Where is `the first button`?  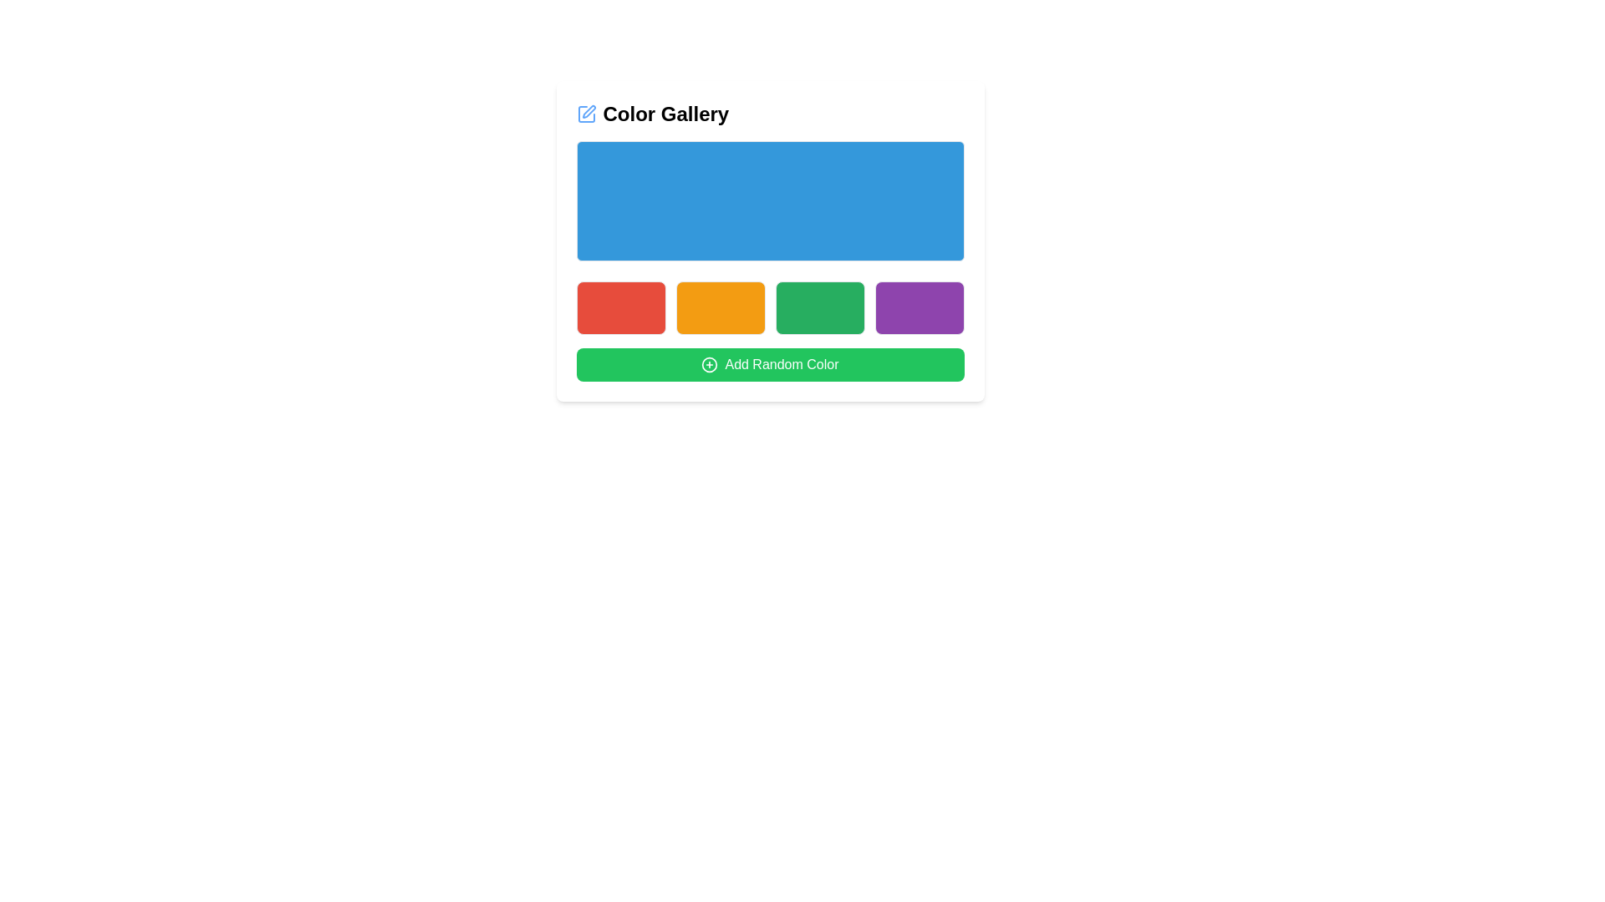 the first button is located at coordinates (620, 308).